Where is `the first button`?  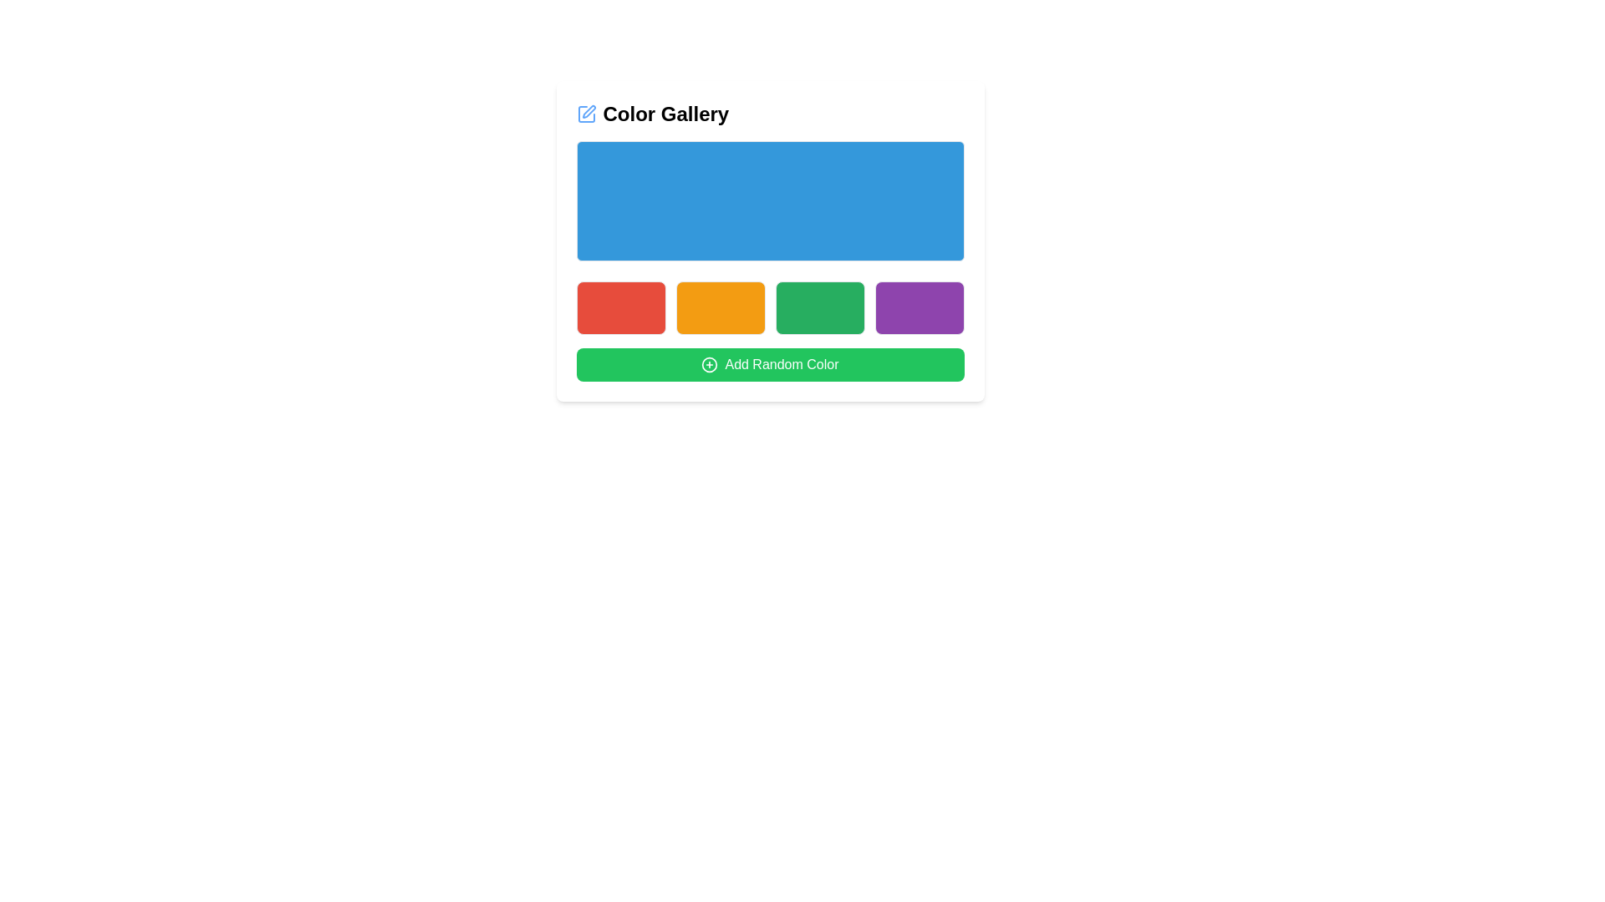 the first button is located at coordinates (620, 308).